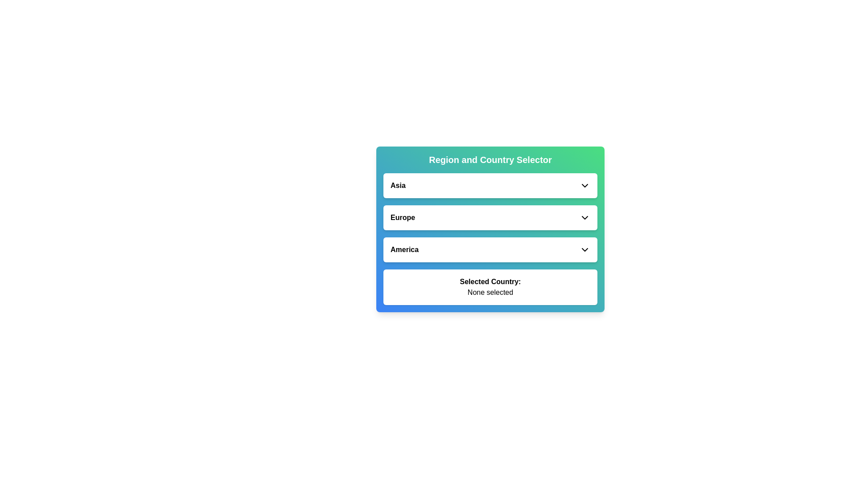 This screenshot has width=856, height=481. Describe the element at coordinates (397, 185) in the screenshot. I see `bold text label displaying 'Asia' located in the first dropdown menu, which is left-aligned next to a chevron-down icon` at that location.